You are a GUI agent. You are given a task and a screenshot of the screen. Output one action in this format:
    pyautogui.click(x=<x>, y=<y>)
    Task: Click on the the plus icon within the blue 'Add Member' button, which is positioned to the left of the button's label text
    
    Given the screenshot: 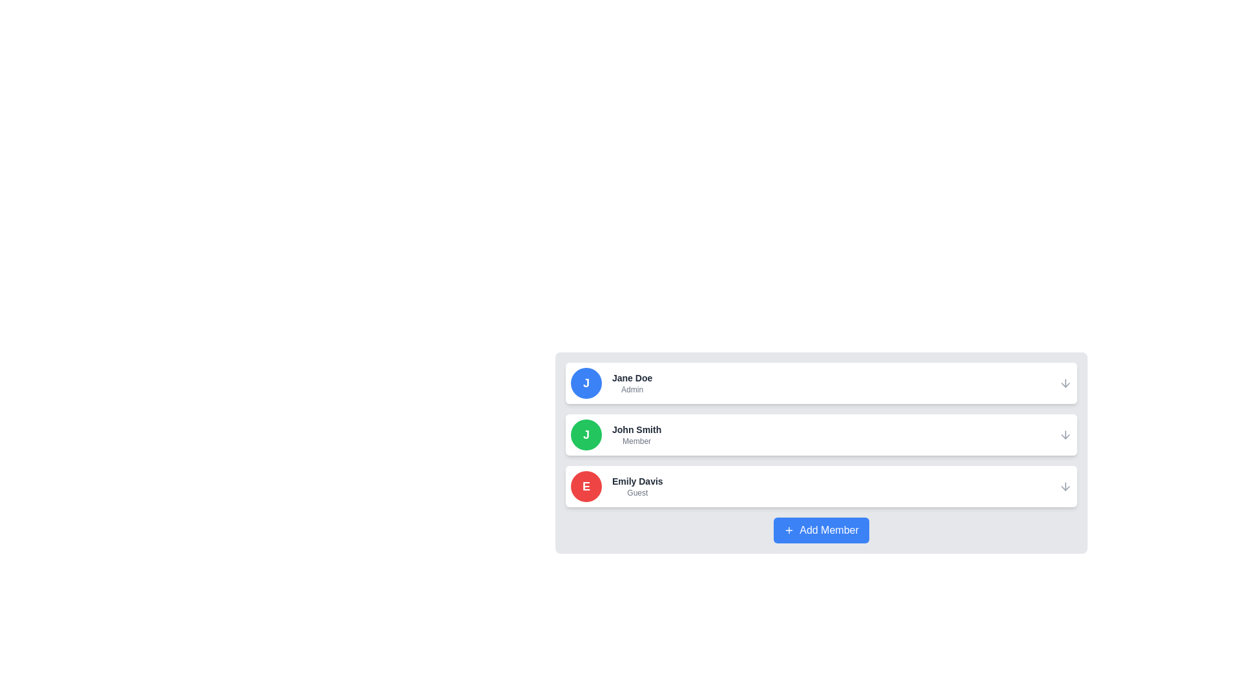 What is the action you would take?
    pyautogui.click(x=789, y=530)
    